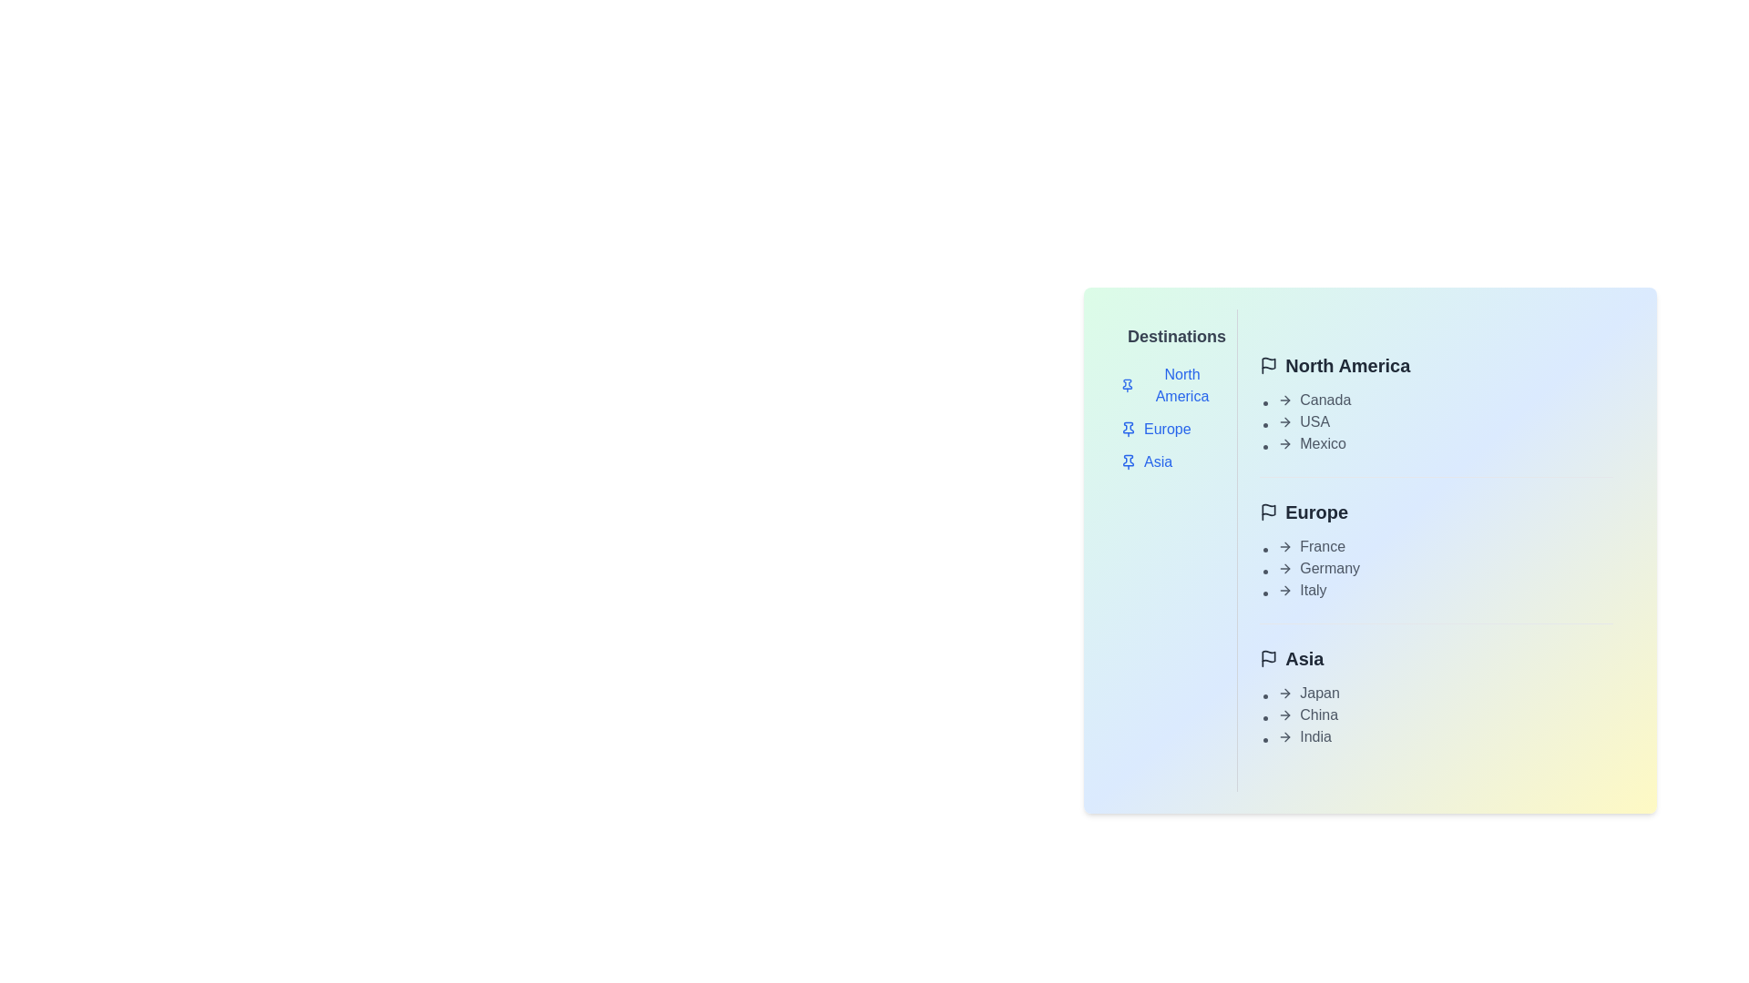 This screenshot has width=1749, height=983. I want to click on the rightward-pointing arrow icon adjacent to the text 'China', so click(1284, 714).